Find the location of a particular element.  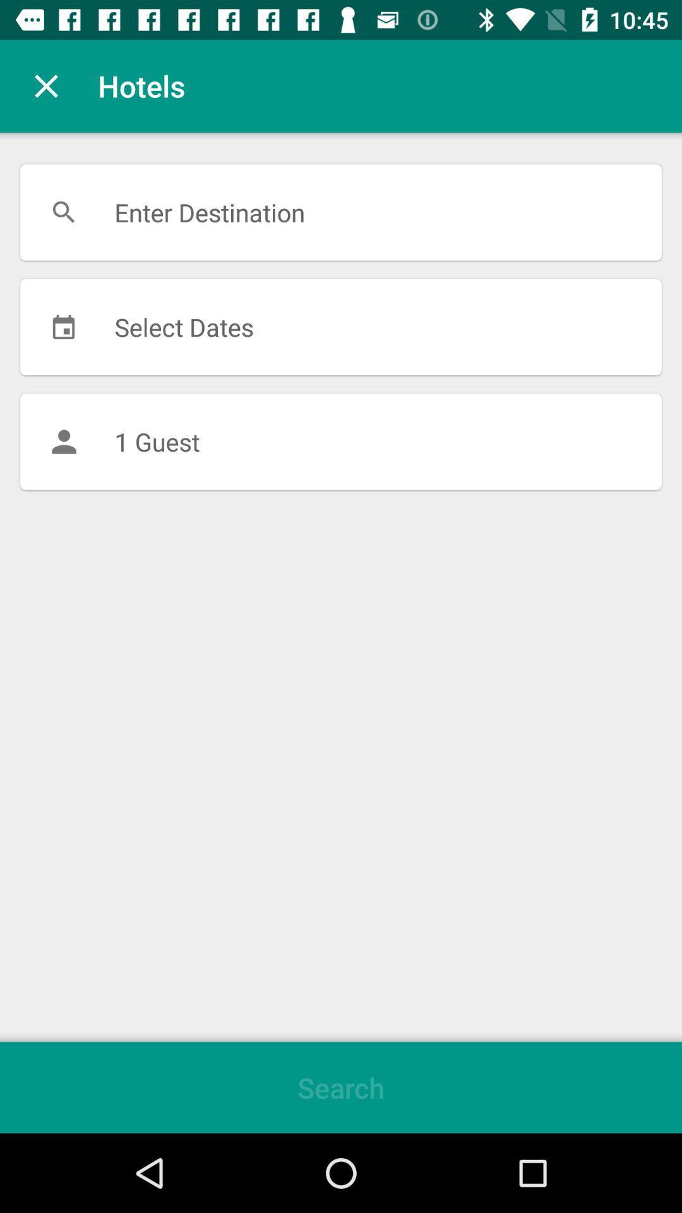

item to the left of hotels icon is located at coordinates (45, 85).